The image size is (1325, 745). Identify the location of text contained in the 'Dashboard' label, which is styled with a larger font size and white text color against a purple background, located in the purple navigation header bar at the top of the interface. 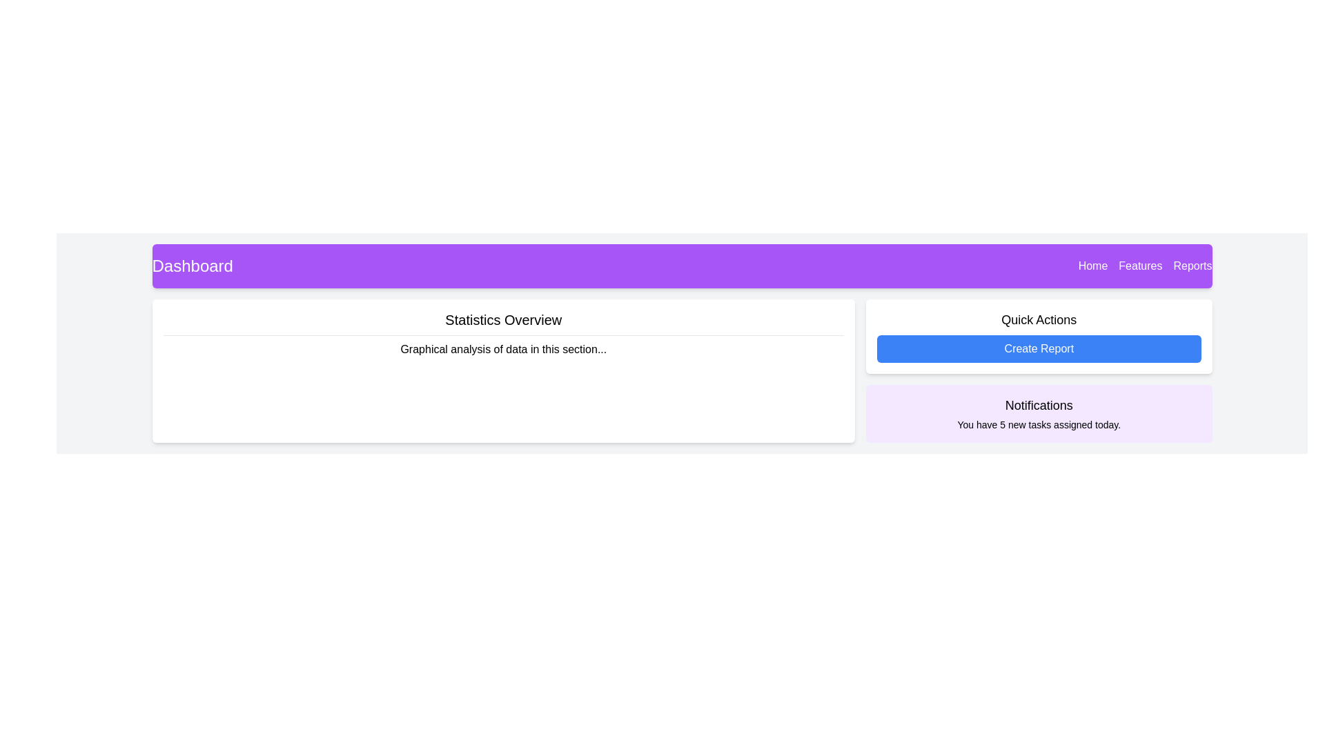
(192, 266).